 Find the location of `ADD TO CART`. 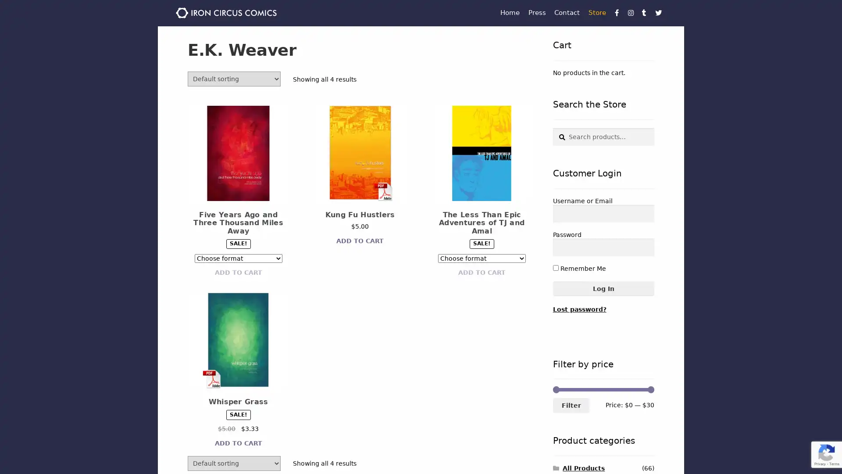

ADD TO CART is located at coordinates (481, 272).